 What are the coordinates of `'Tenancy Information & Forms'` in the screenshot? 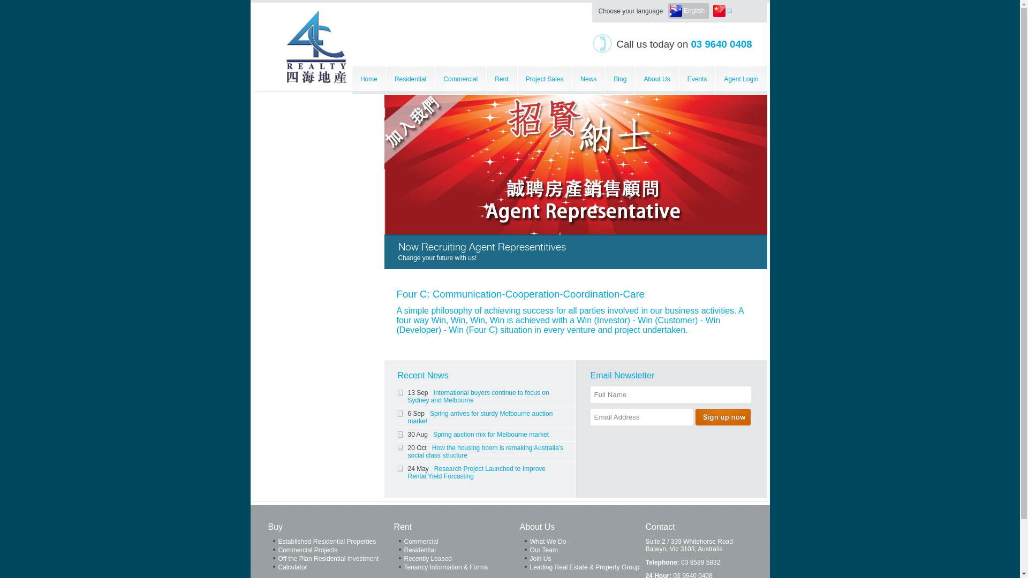 It's located at (457, 567).